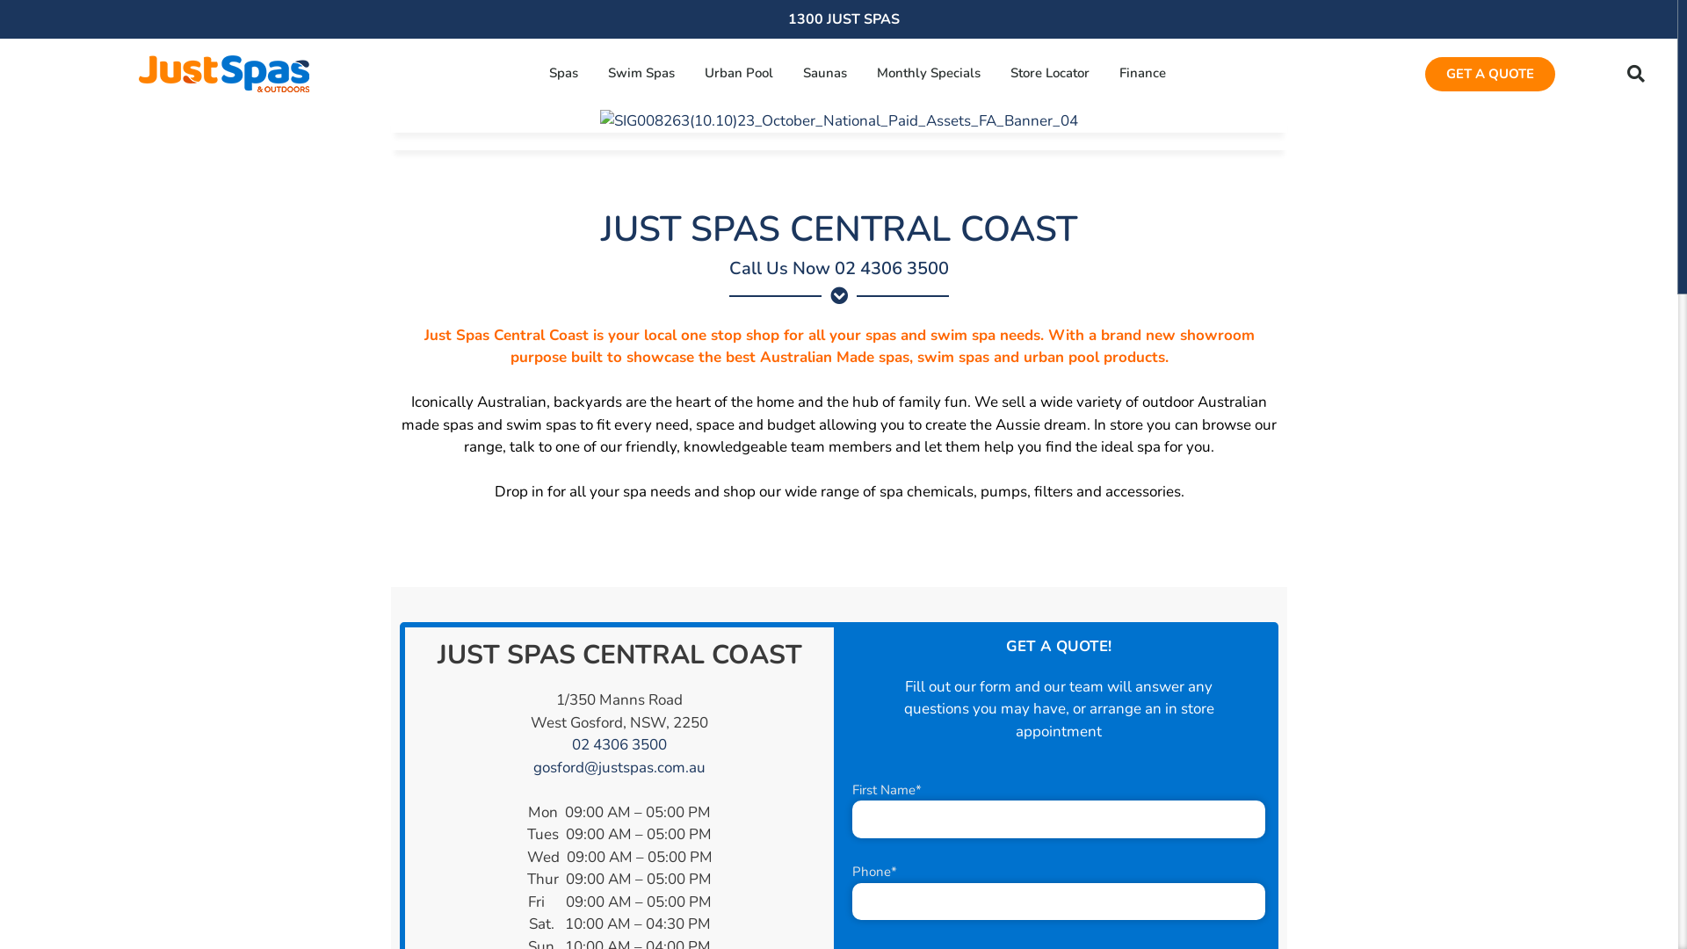  Describe the element at coordinates (619, 766) in the screenshot. I see `'gosford@justspas.com.au'` at that location.